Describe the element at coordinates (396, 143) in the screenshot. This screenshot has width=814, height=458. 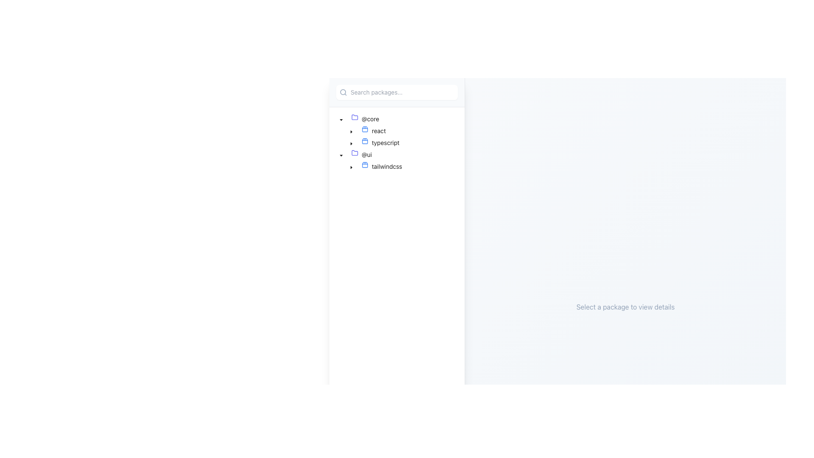
I see `the multi-line text content displaying '@corereacttypescript@uitailwindcss' in the left-hand side panel` at that location.